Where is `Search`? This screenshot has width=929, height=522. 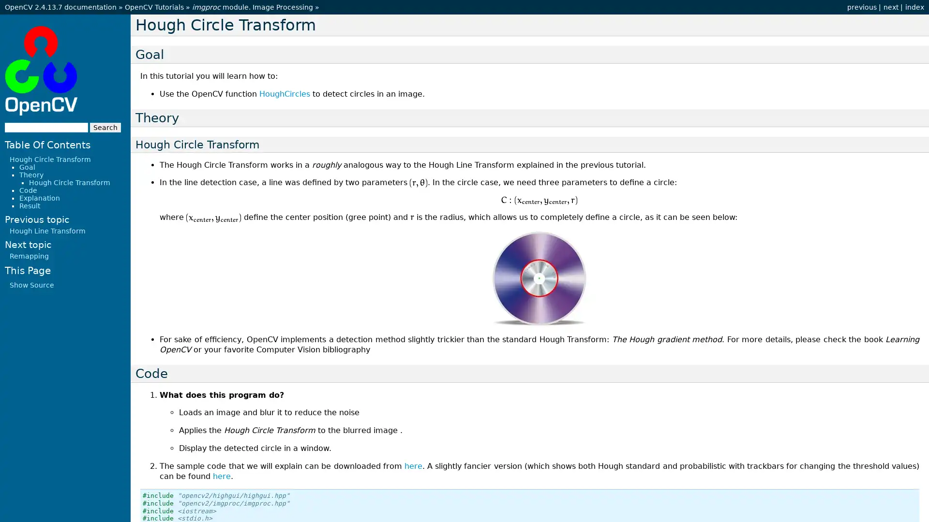 Search is located at coordinates (105, 126).